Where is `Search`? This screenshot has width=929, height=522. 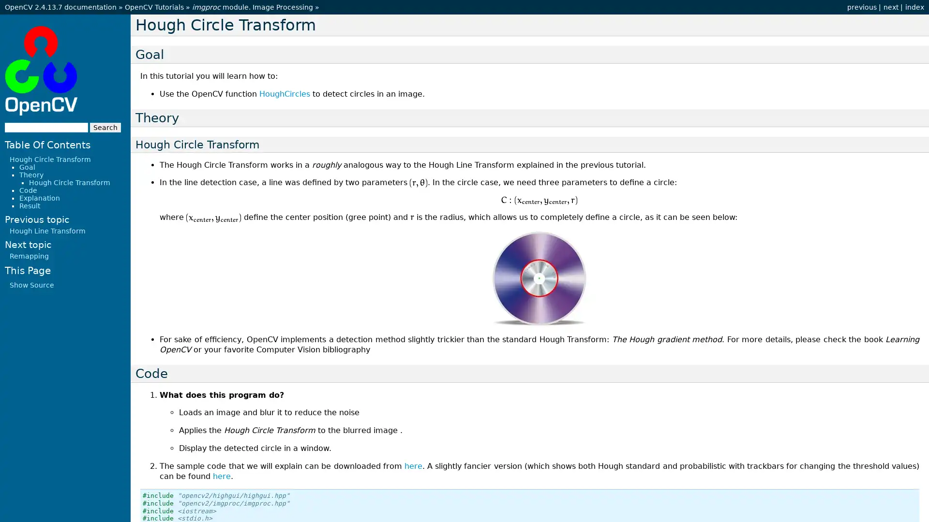 Search is located at coordinates (105, 126).